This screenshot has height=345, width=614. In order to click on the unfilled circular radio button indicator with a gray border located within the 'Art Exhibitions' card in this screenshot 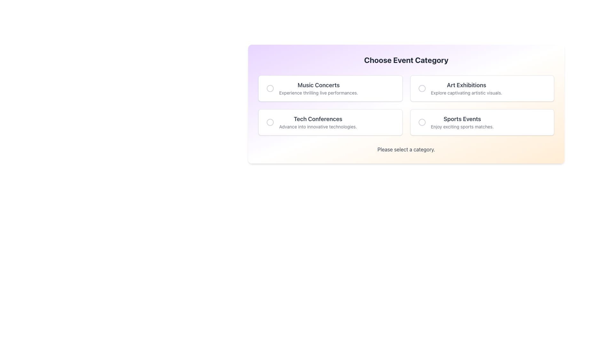, I will do `click(422, 88)`.